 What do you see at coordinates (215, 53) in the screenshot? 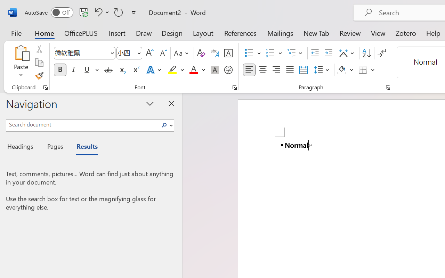
I see `'Phonetic Guide...'` at bounding box center [215, 53].